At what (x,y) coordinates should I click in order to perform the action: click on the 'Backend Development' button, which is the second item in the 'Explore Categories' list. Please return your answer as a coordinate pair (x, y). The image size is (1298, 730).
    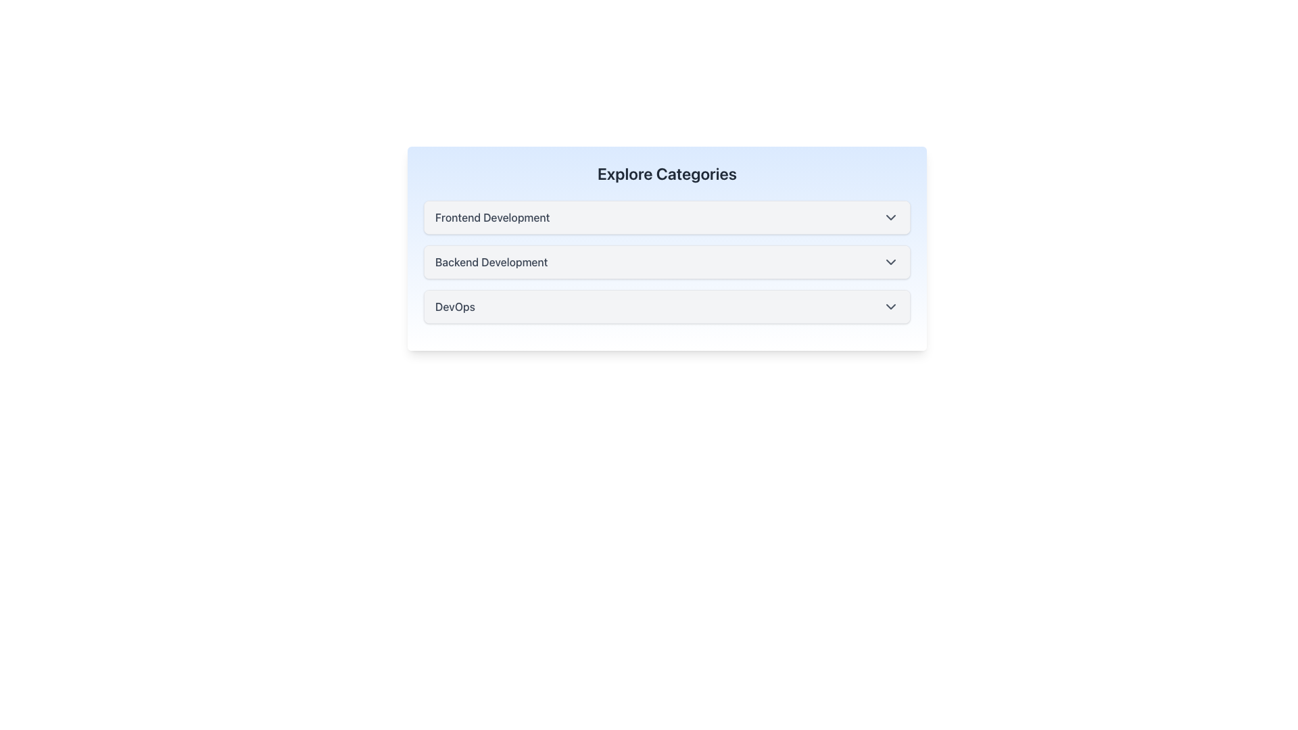
    Looking at the image, I should click on (667, 262).